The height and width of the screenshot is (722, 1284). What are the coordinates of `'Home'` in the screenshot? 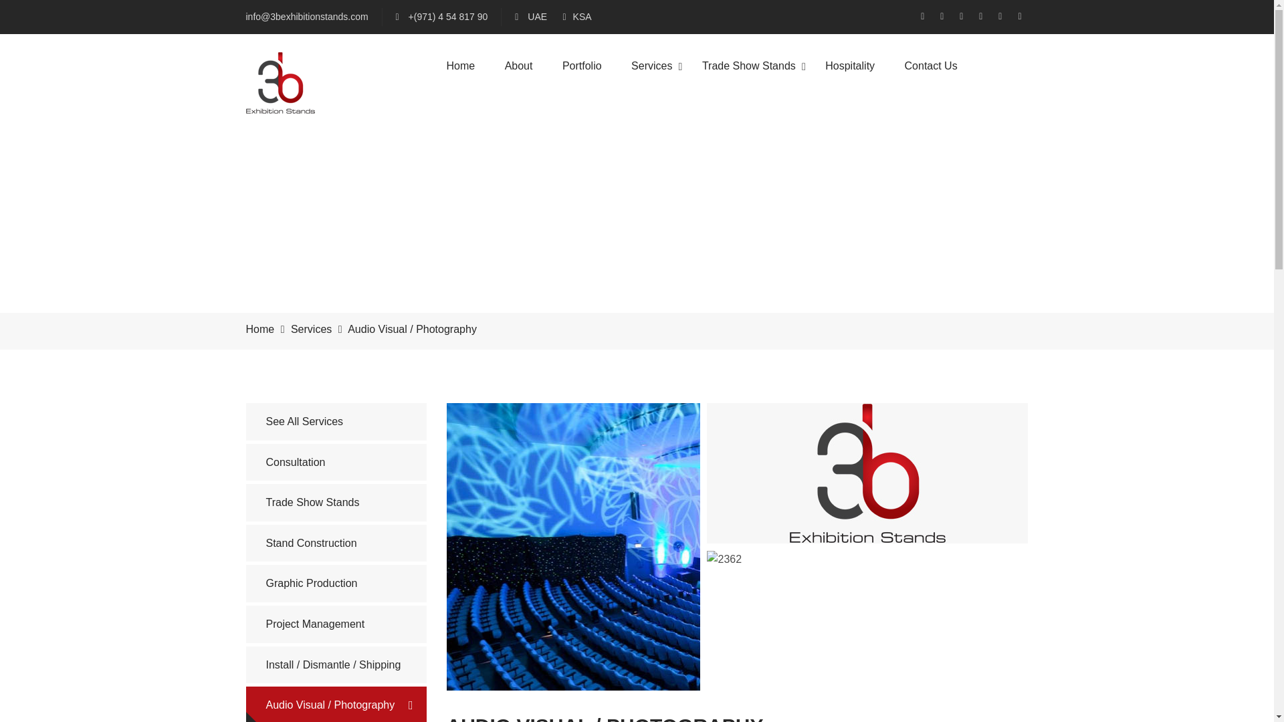 It's located at (260, 329).